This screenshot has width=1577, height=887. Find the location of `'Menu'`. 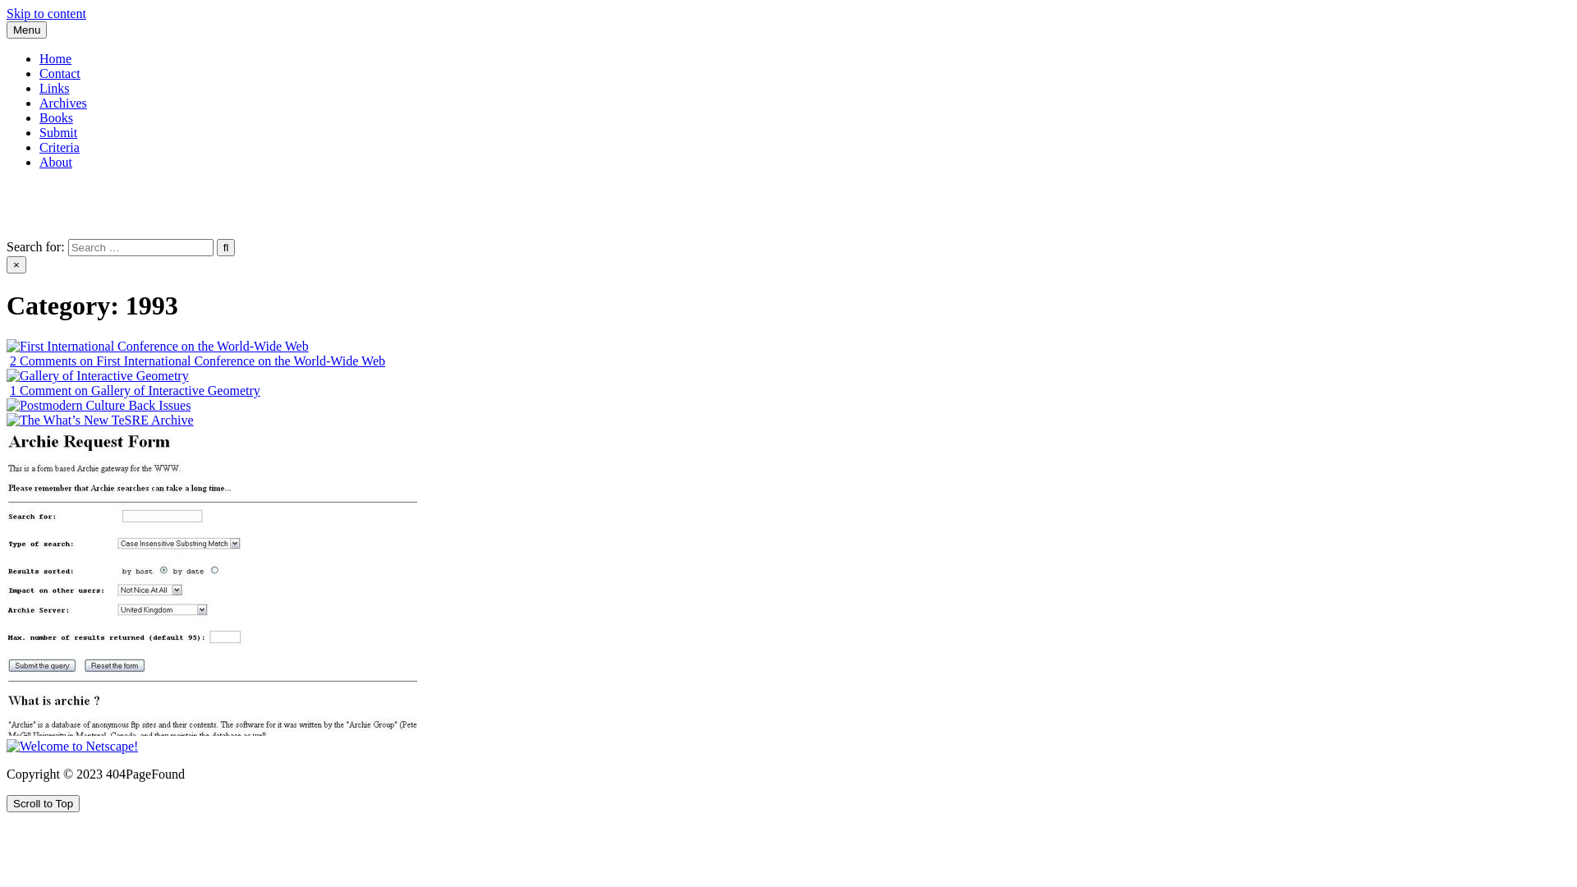

'Menu' is located at coordinates (26, 30).